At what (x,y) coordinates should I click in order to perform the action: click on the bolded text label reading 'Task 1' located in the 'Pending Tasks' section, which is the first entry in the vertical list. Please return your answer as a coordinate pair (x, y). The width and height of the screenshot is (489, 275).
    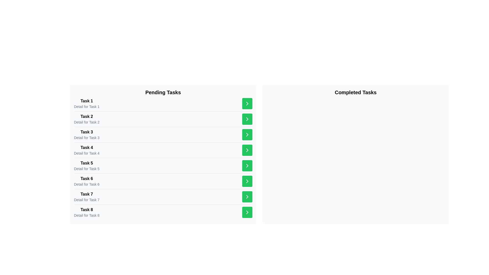
    Looking at the image, I should click on (87, 101).